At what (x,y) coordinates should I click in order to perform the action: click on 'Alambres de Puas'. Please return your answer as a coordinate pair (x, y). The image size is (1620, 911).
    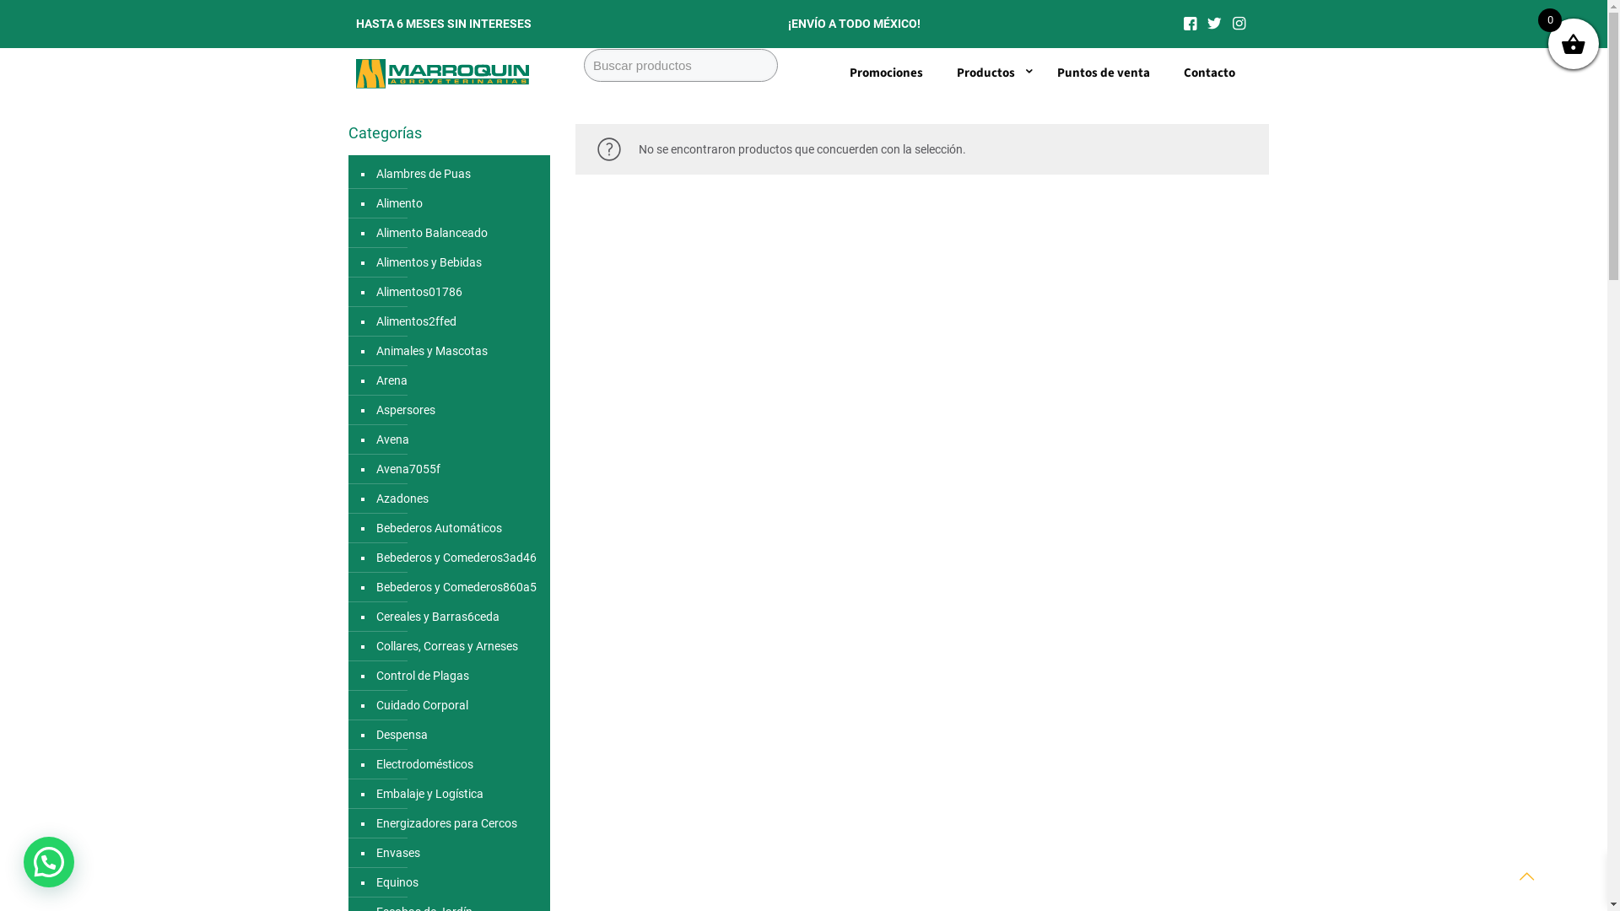
    Looking at the image, I should click on (457, 174).